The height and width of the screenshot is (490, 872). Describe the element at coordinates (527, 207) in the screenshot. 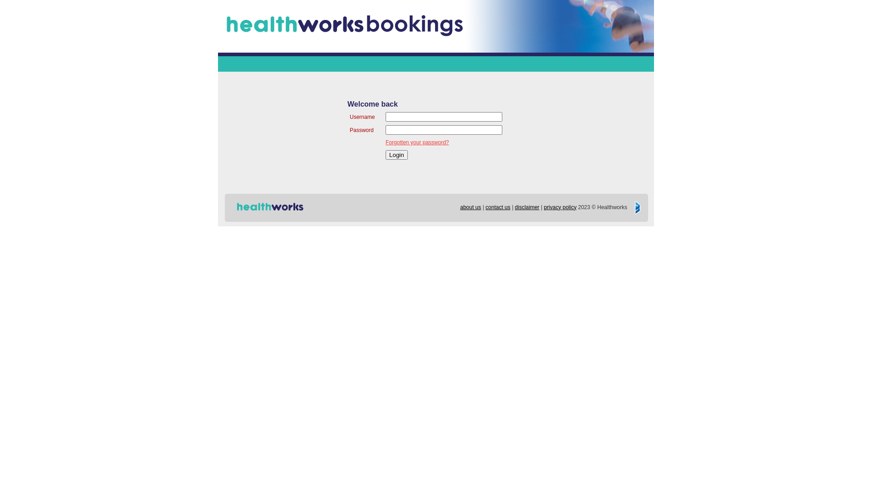

I see `'disclaimer'` at that location.